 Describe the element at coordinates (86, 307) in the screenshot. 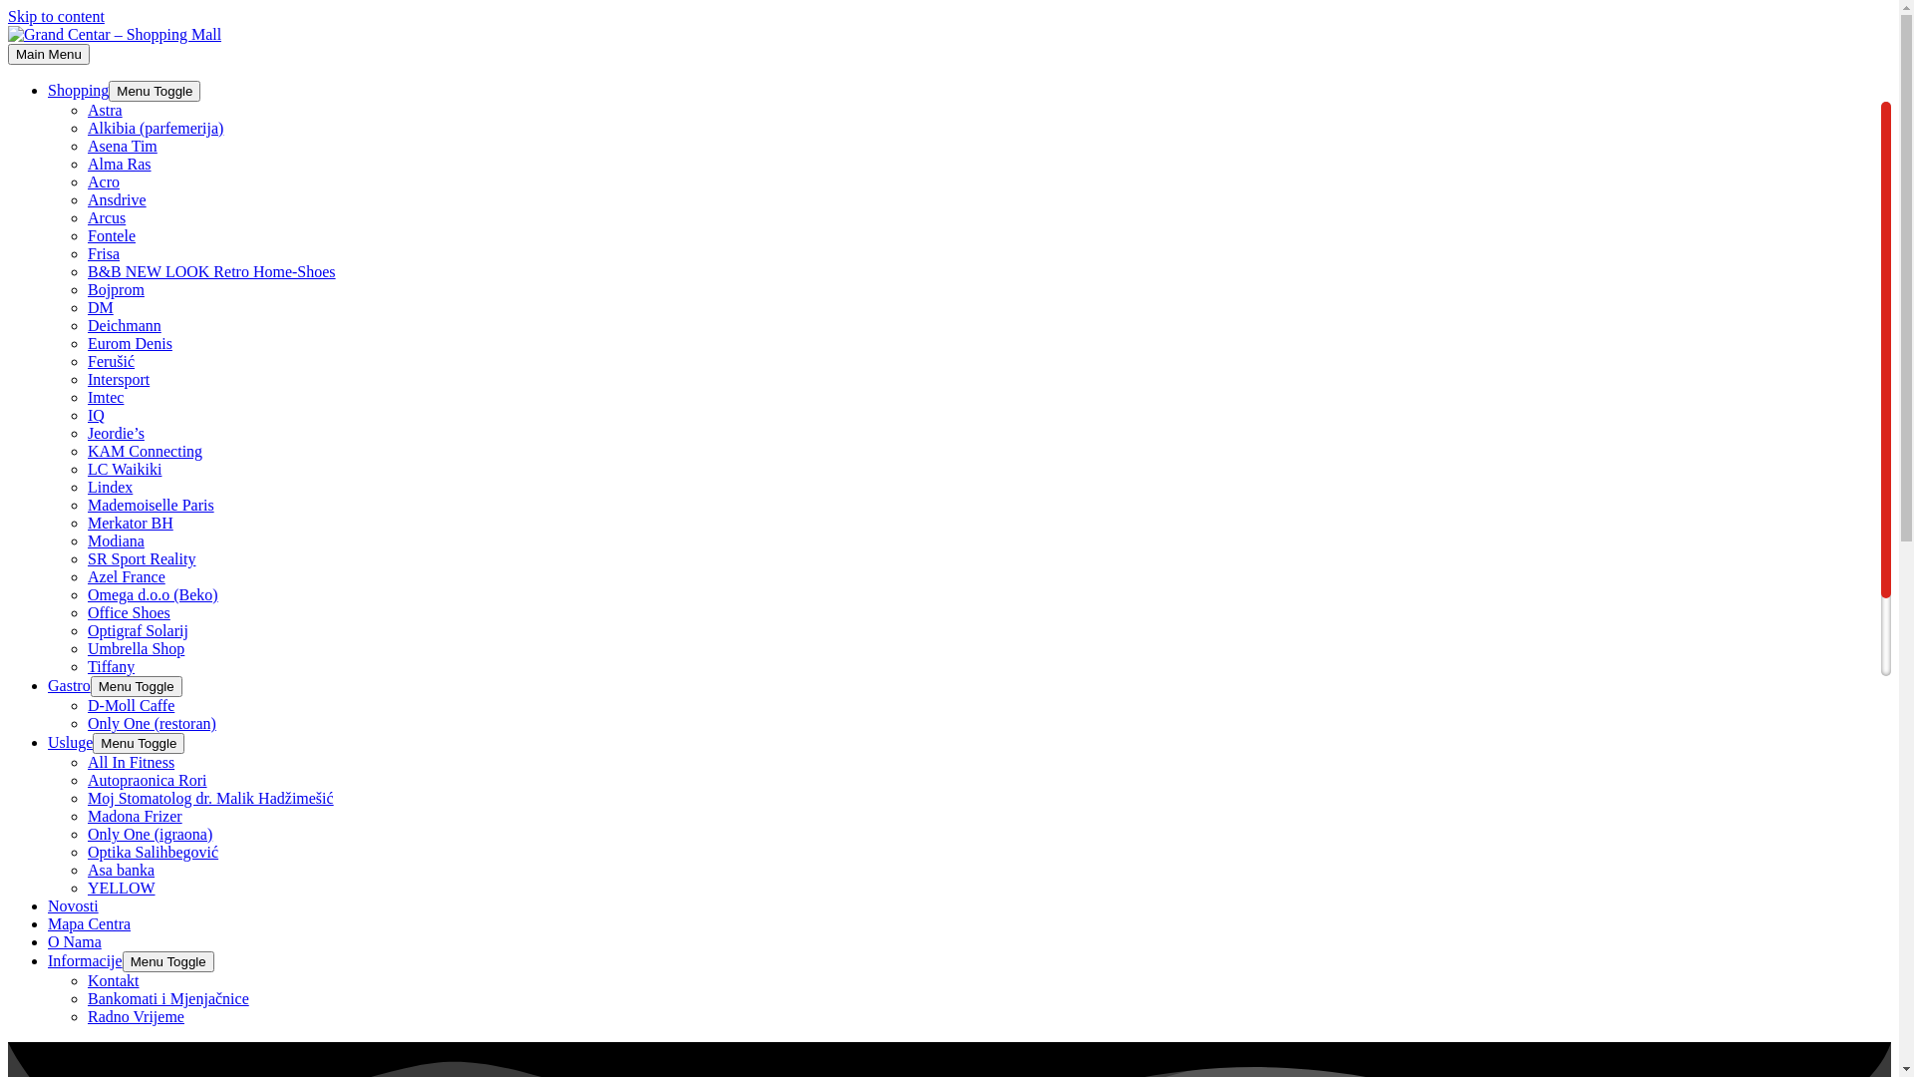

I see `'DM'` at that location.